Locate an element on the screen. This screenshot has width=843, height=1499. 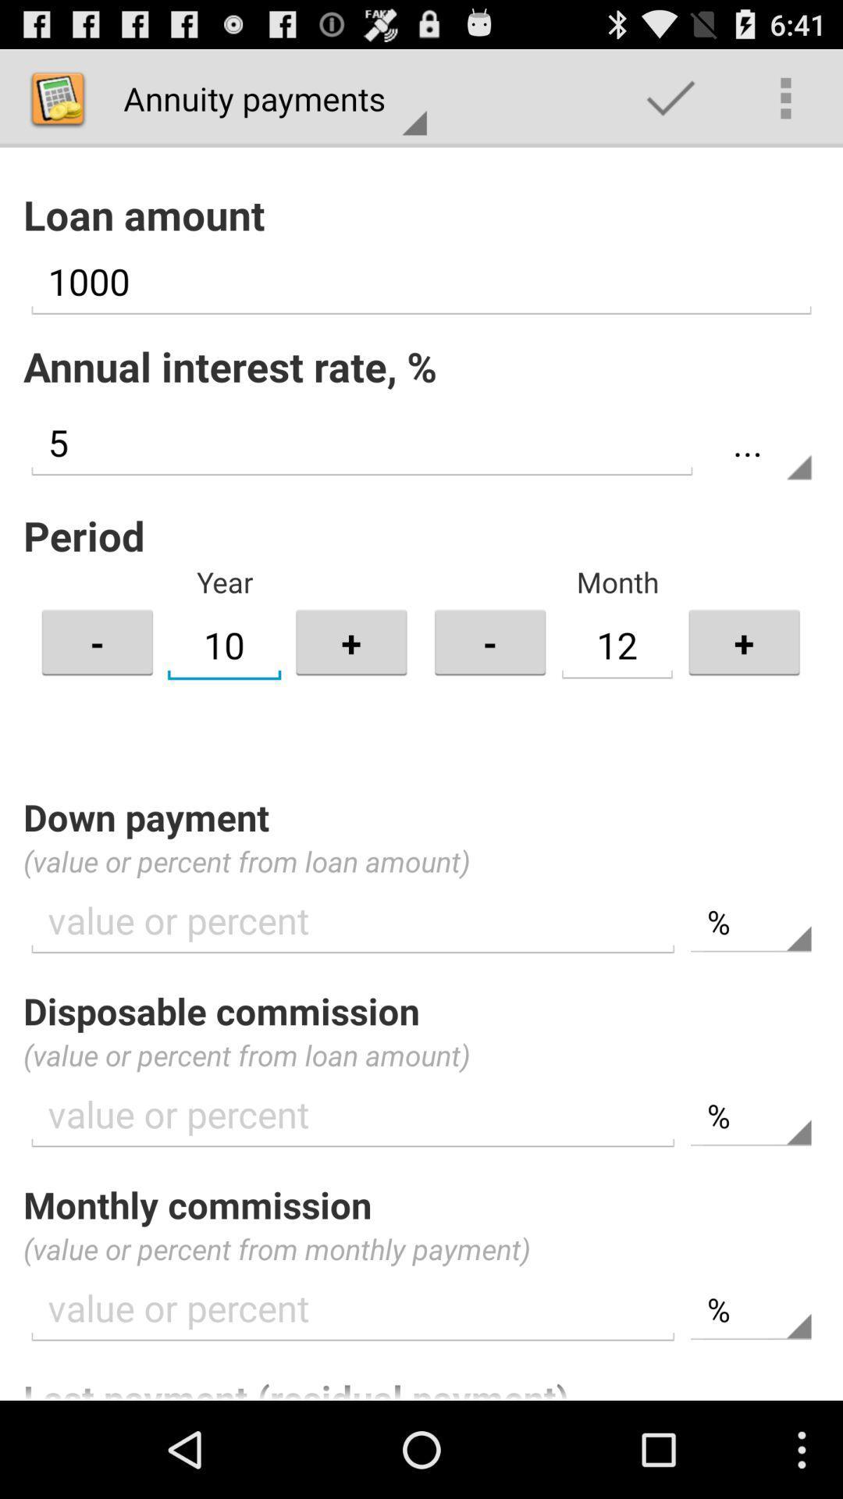
the button left to year text field is located at coordinates (97, 642).